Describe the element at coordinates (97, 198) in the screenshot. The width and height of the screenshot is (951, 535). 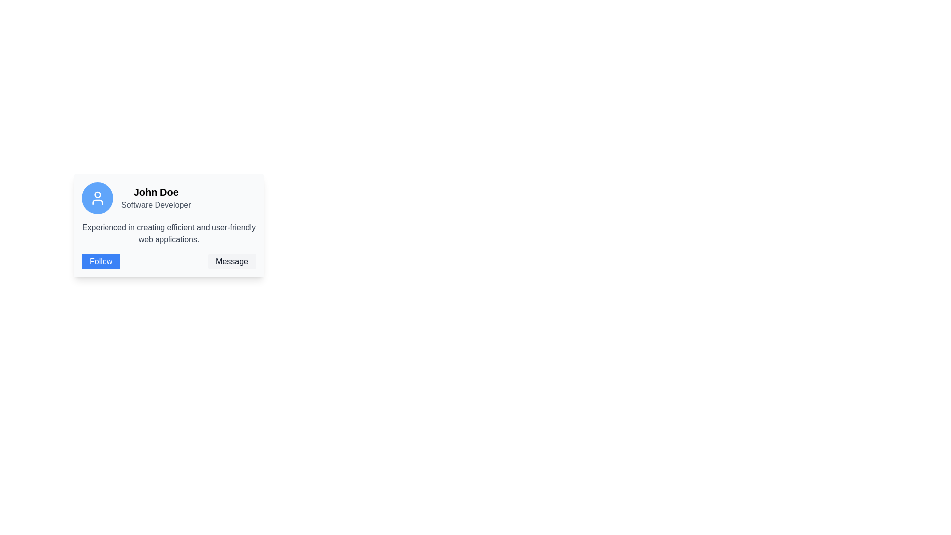
I see `the user's profile picture icon located in the top-left corner of the profile card, which is positioned next to the text 'John Doe' and 'Software Developer'` at that location.